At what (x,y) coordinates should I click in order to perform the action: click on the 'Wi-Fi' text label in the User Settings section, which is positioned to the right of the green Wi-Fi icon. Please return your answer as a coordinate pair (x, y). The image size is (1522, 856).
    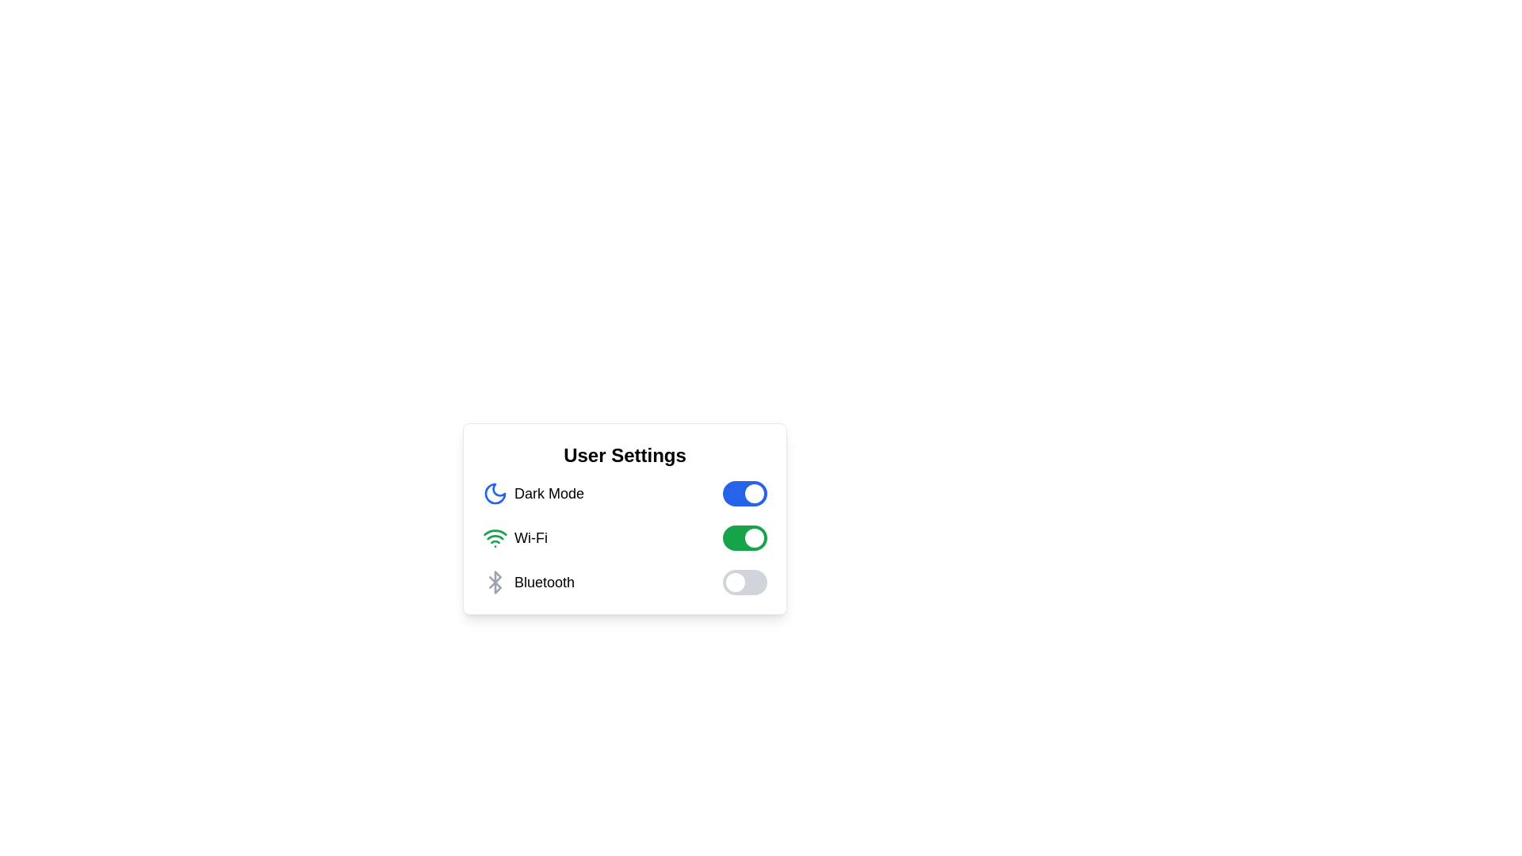
    Looking at the image, I should click on (531, 537).